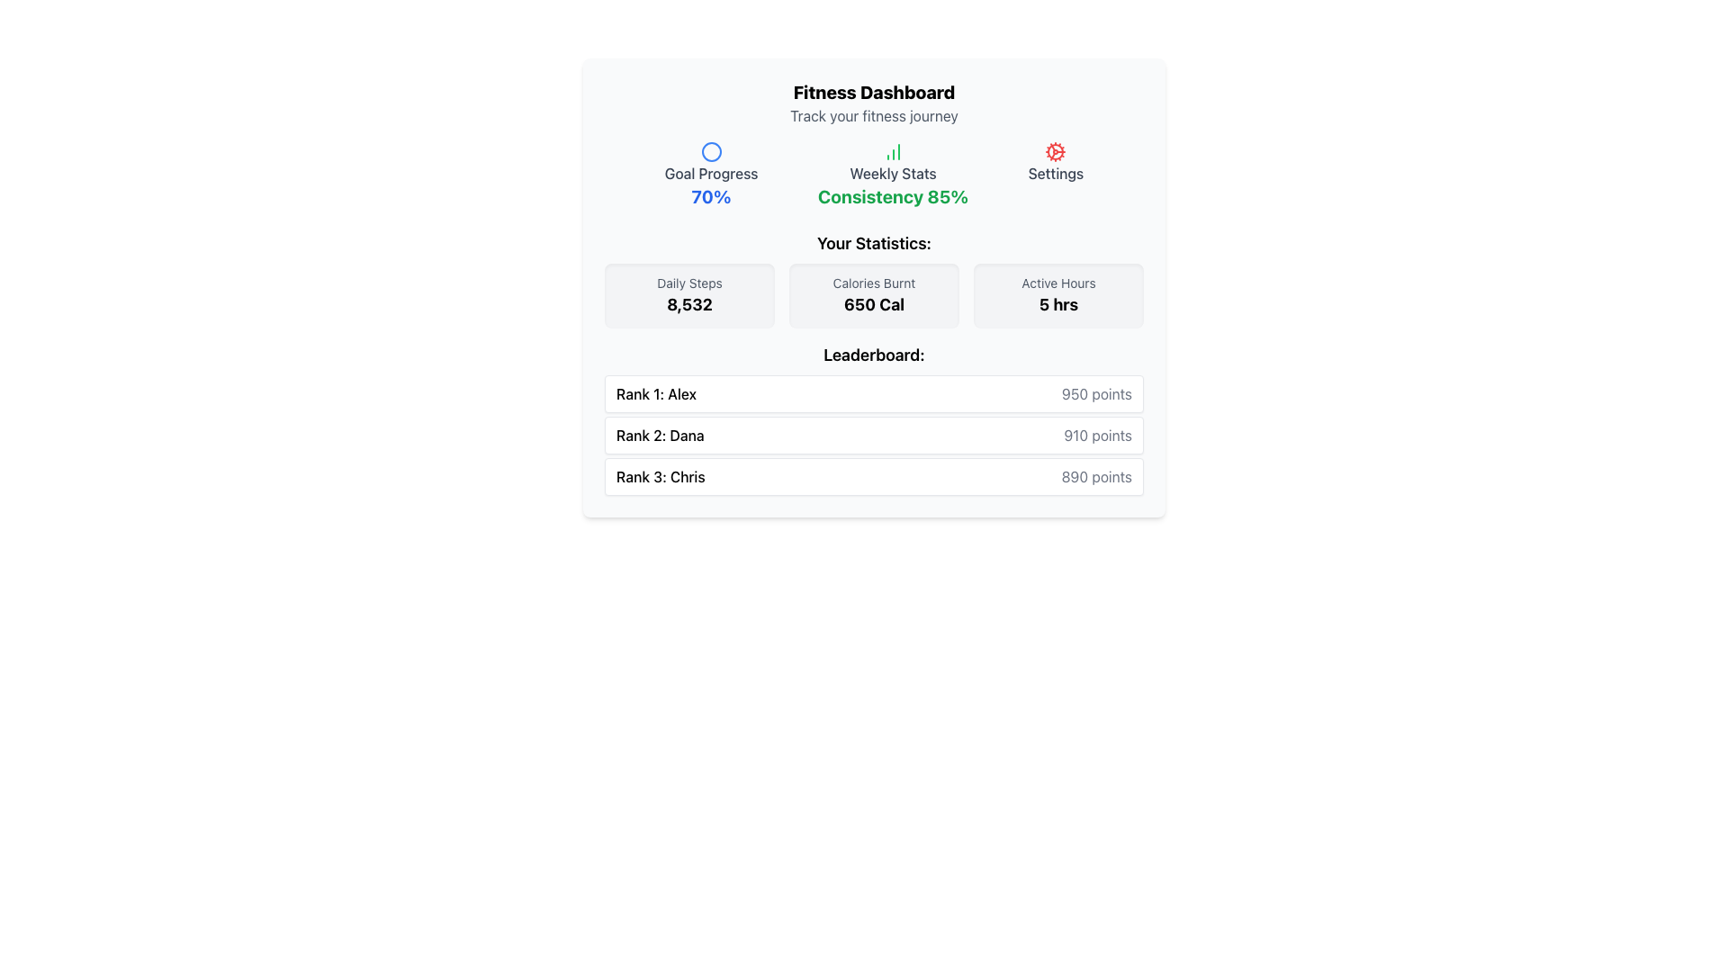 The height and width of the screenshot is (972, 1728). Describe the element at coordinates (874, 93) in the screenshot. I see `the bold, black text 'Fitness Dashboard' which is centered at the top of the interface` at that location.